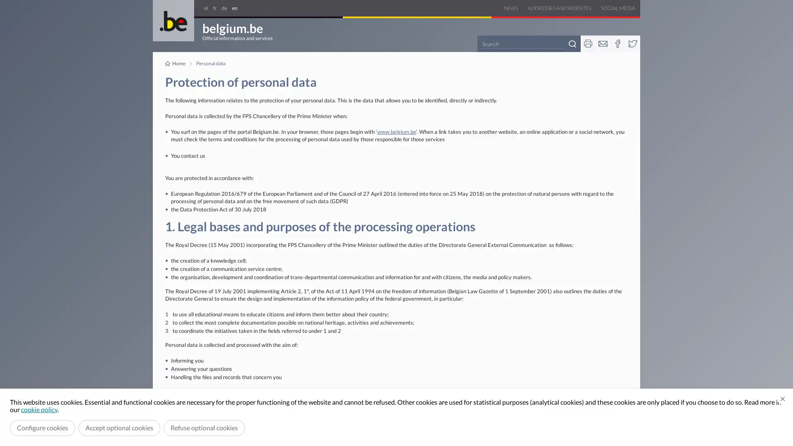 The width and height of the screenshot is (793, 446). I want to click on Configure cookies, so click(42, 427).